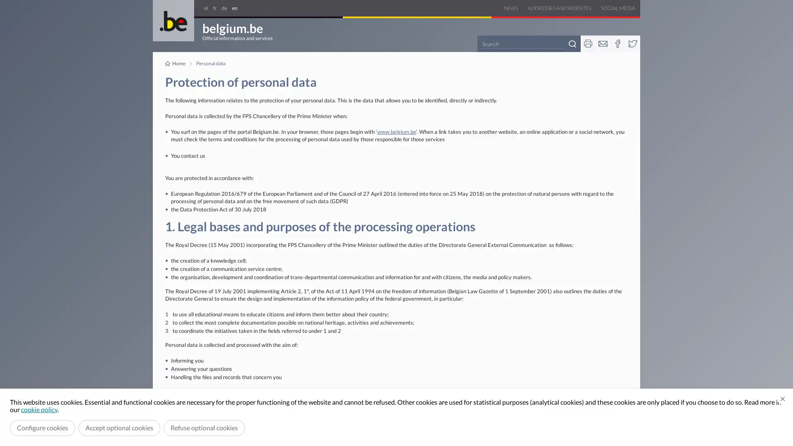 The width and height of the screenshot is (793, 446). I want to click on Configure cookies, so click(42, 427).